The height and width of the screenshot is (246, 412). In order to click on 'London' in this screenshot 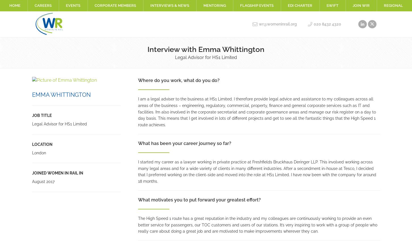, I will do `click(38, 152)`.